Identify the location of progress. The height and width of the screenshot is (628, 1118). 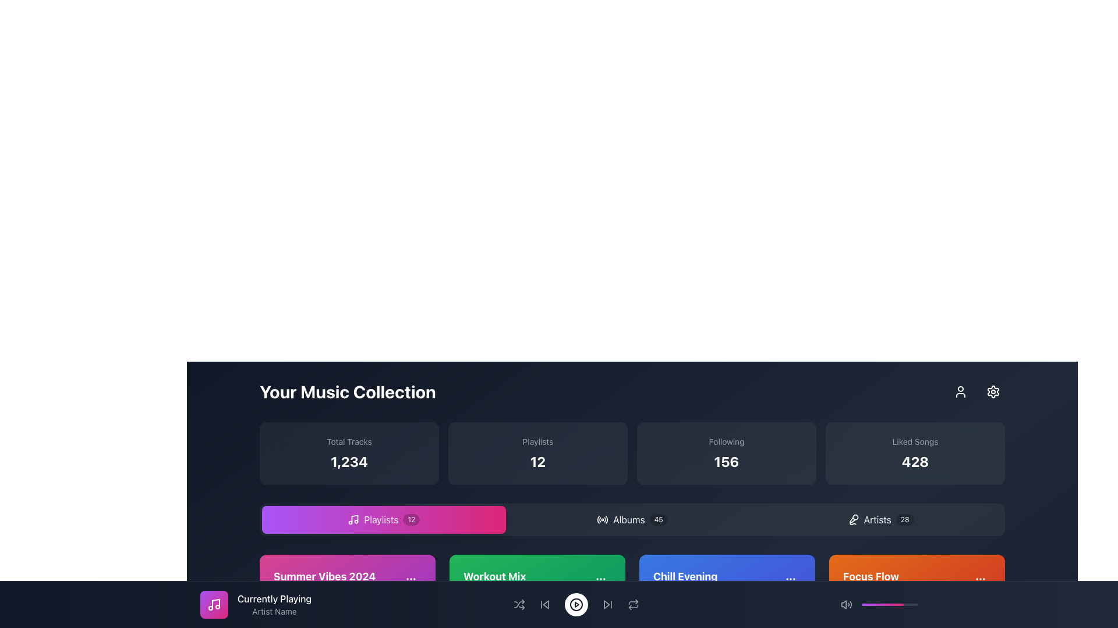
(884, 604).